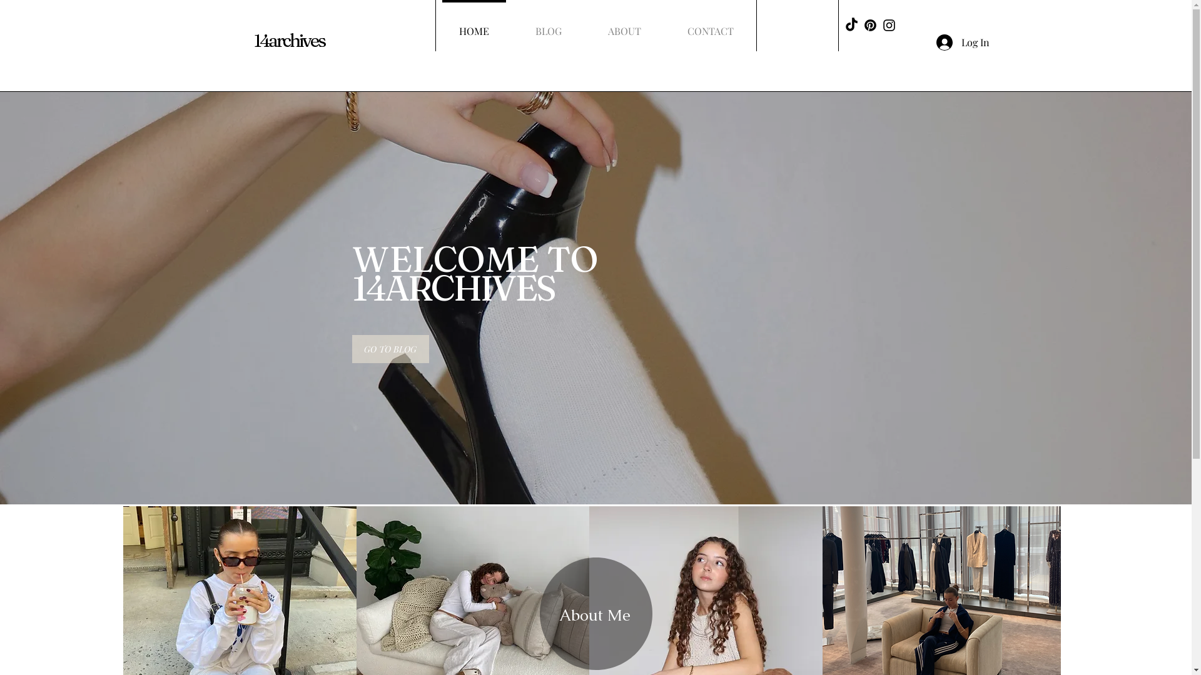 The image size is (1201, 675). What do you see at coordinates (288, 39) in the screenshot?
I see `'14archives'` at bounding box center [288, 39].